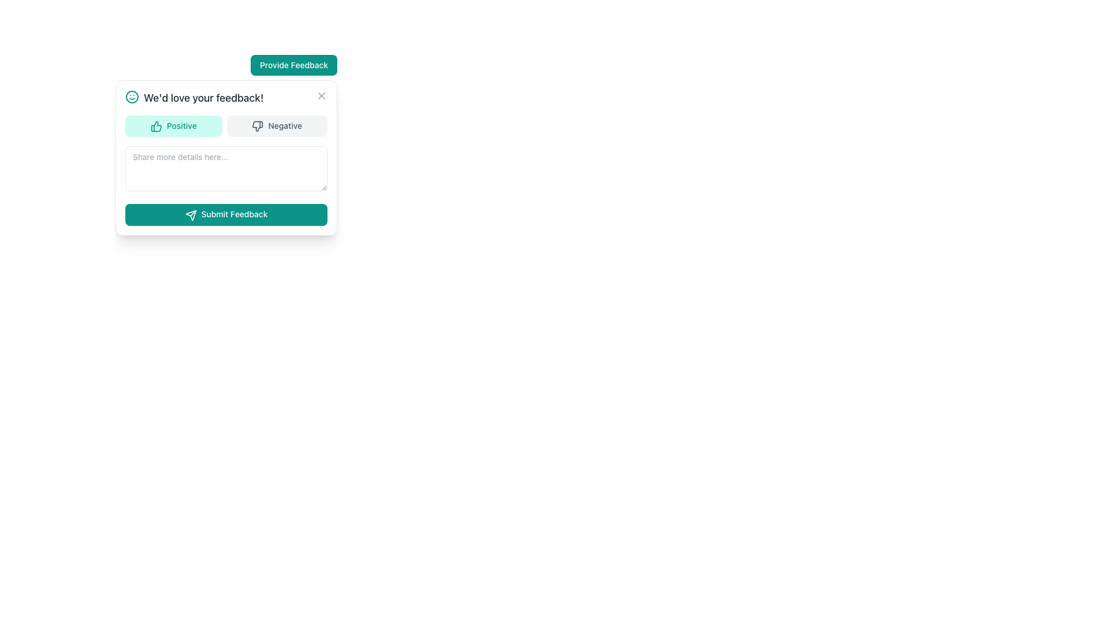  What do you see at coordinates (293, 65) in the screenshot?
I see `the 'Provide Feedback' button with a teal background and white text` at bounding box center [293, 65].